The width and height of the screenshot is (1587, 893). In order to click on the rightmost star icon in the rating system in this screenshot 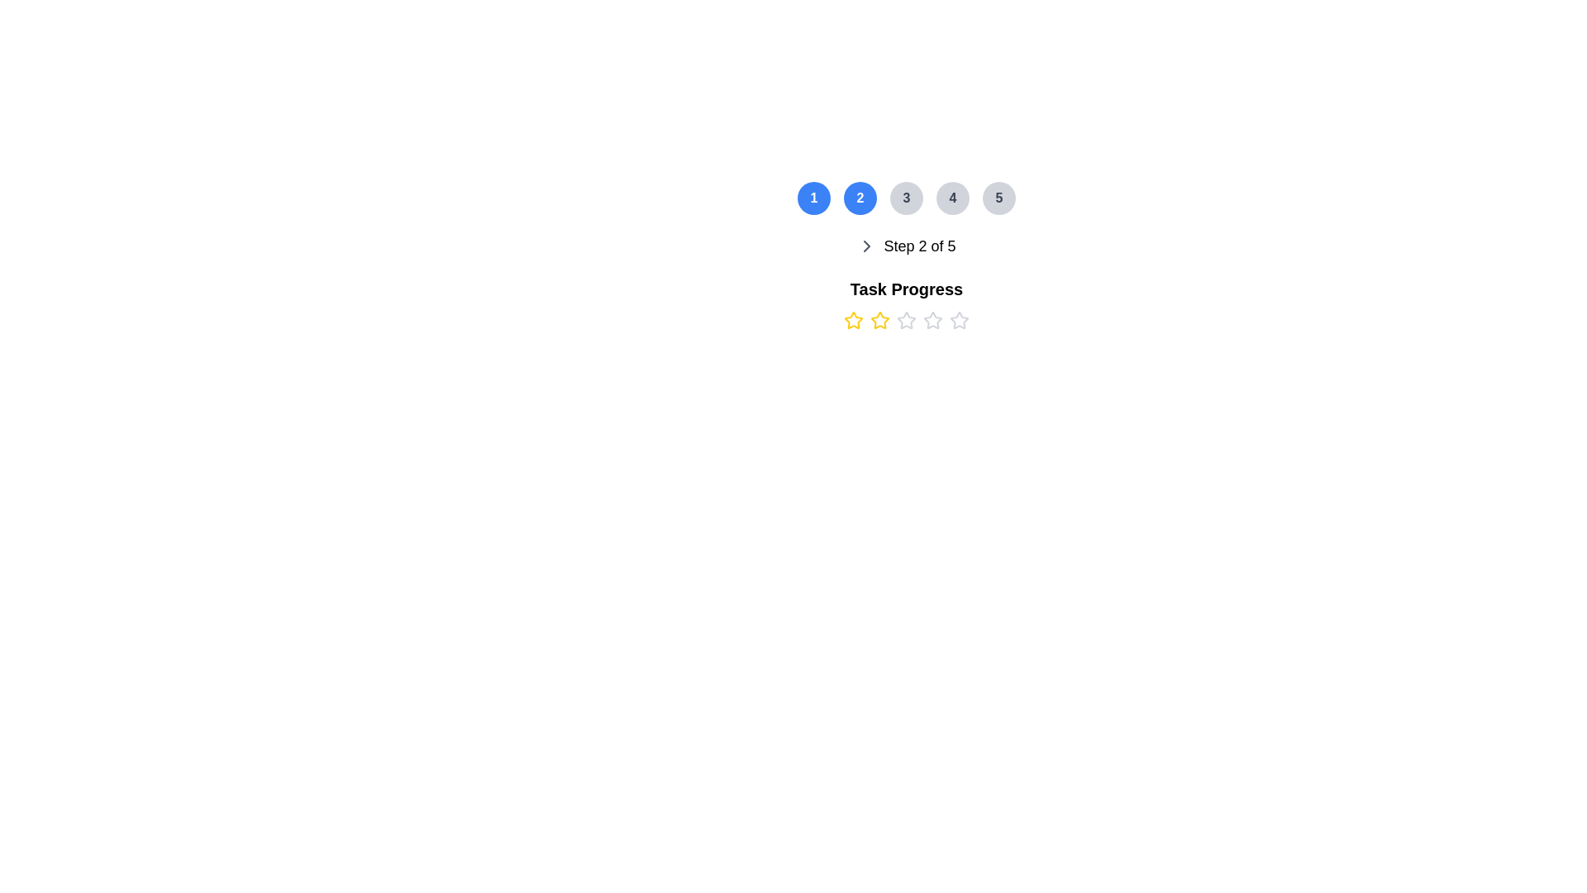, I will do `click(960, 321)`.